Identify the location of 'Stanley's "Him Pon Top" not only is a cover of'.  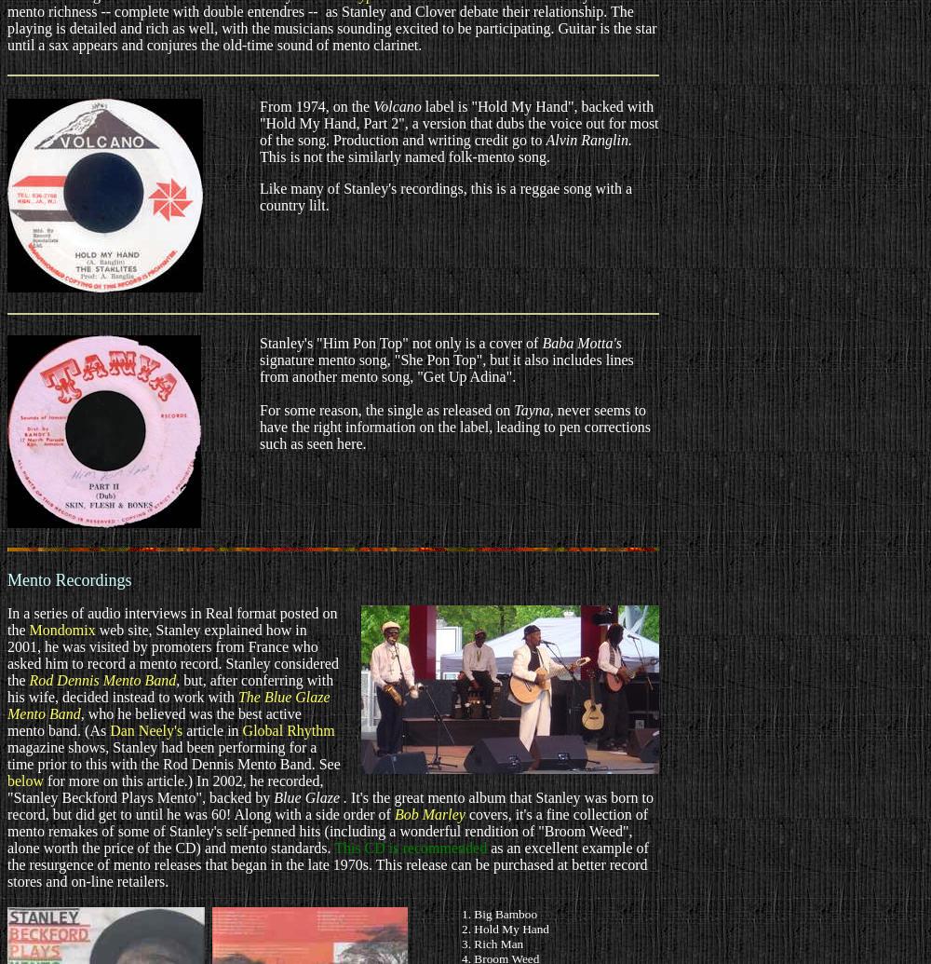
(400, 343).